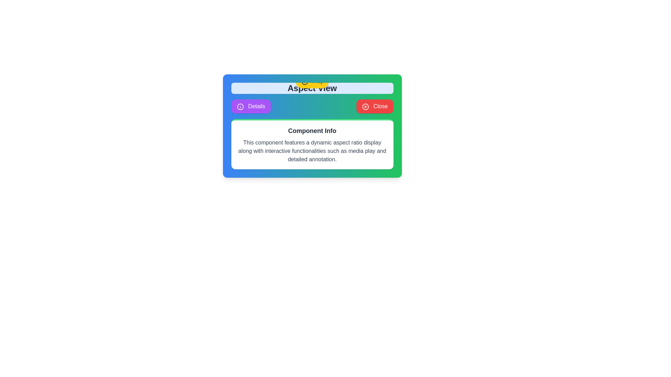  Describe the element at coordinates (240, 106) in the screenshot. I see `the small circular Information Icon located within the purple 'Details' button` at that location.